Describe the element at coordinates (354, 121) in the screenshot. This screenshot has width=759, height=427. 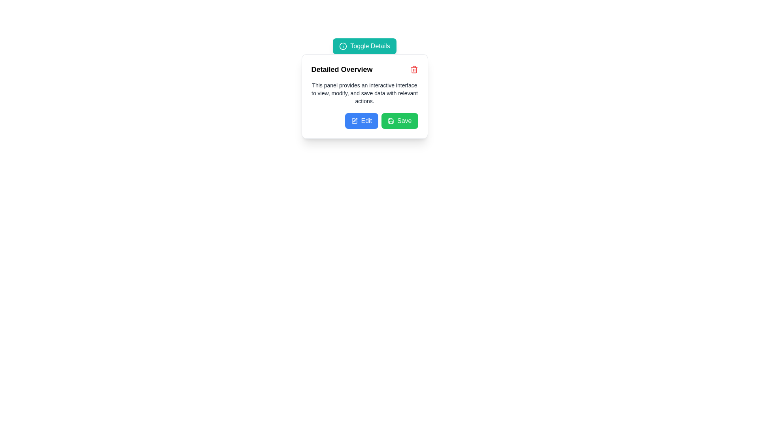
I see `the edit icon, which is a square with a pencil inside, located within the 'Edit' button on the left side of the bottom buttons on the card labeled 'Detailed Overview'` at that location.